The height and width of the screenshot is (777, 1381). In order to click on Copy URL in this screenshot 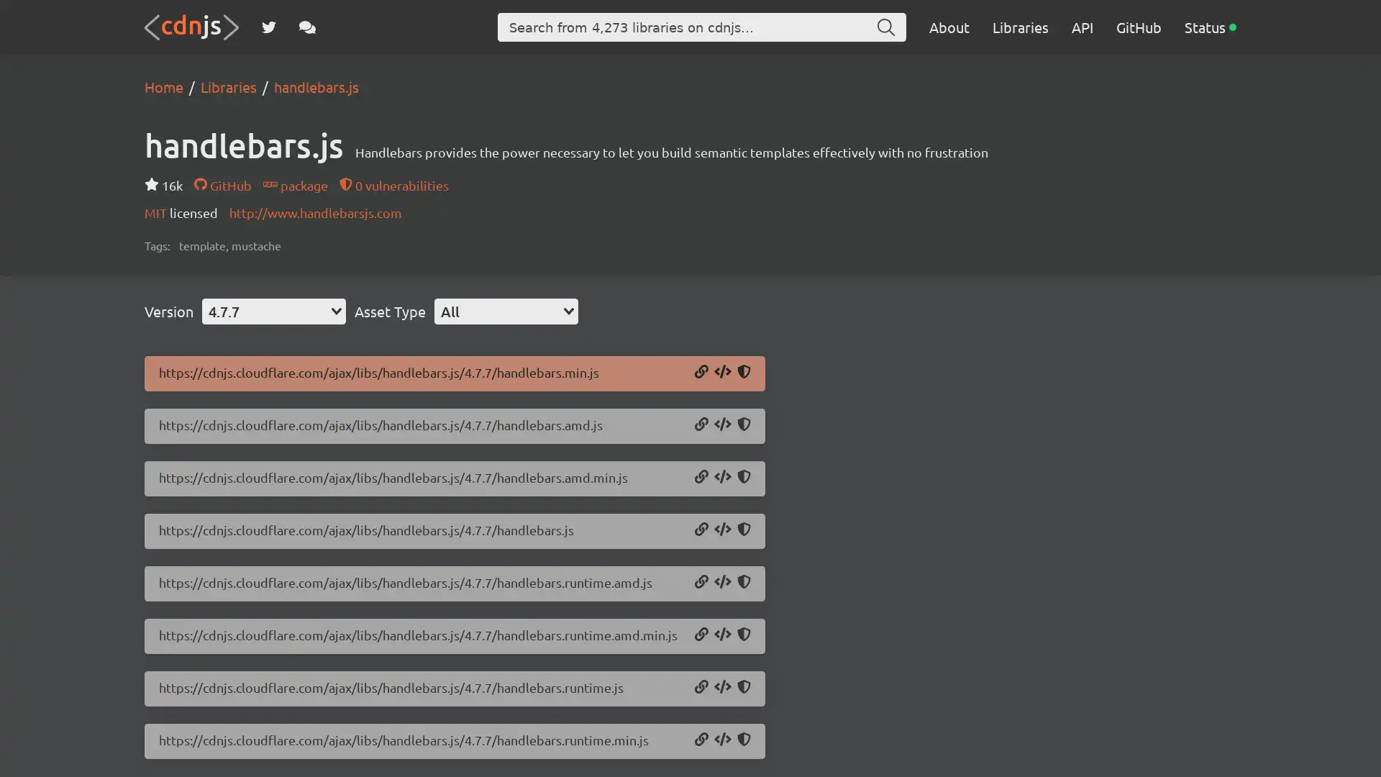, I will do `click(701, 372)`.